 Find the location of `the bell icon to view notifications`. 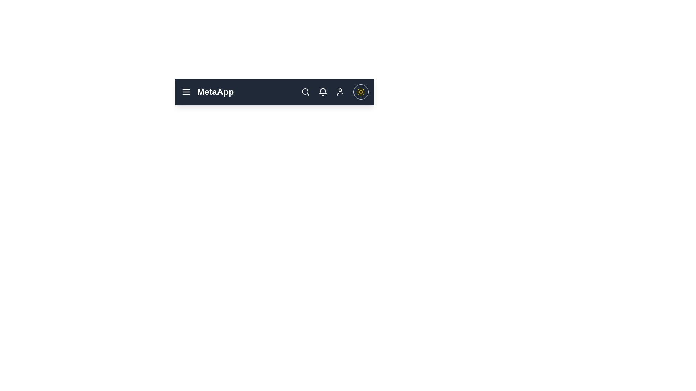

the bell icon to view notifications is located at coordinates (323, 92).